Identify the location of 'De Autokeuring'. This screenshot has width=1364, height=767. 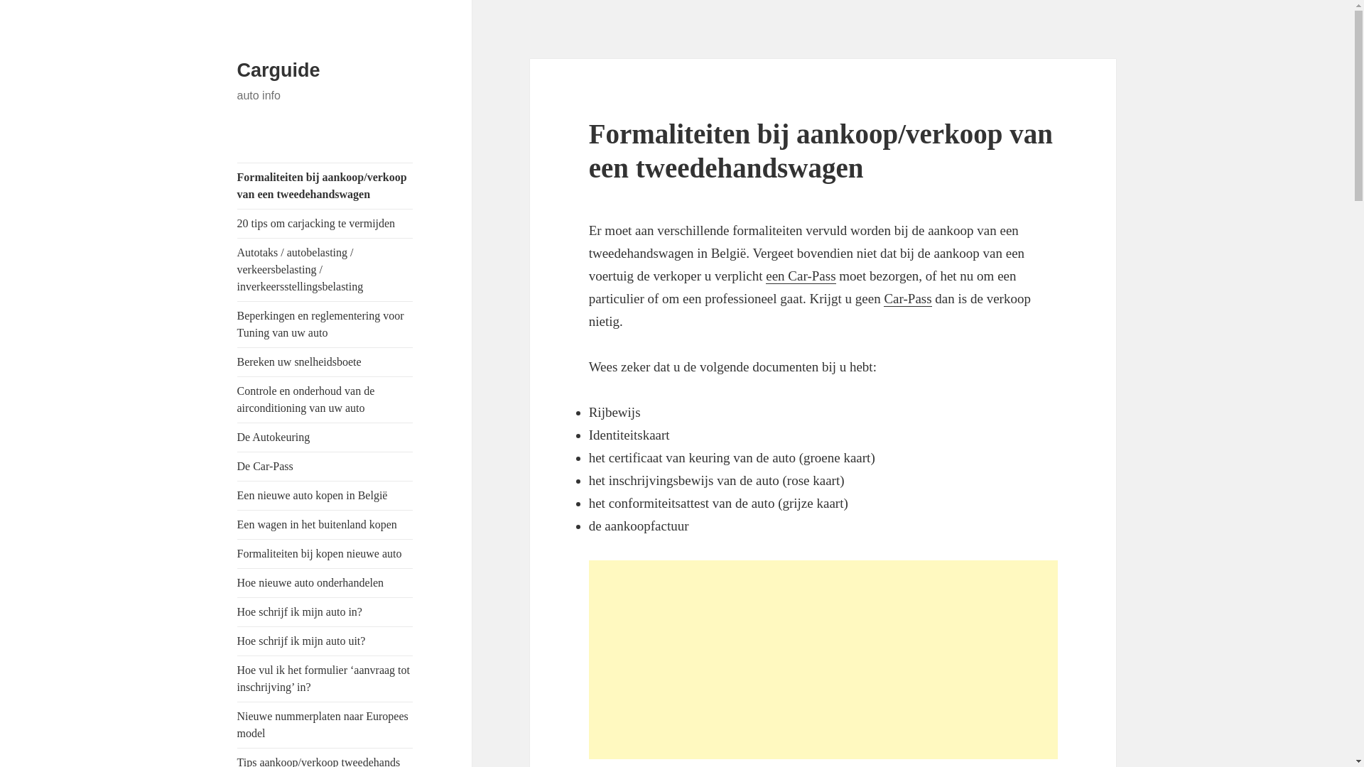
(324, 437).